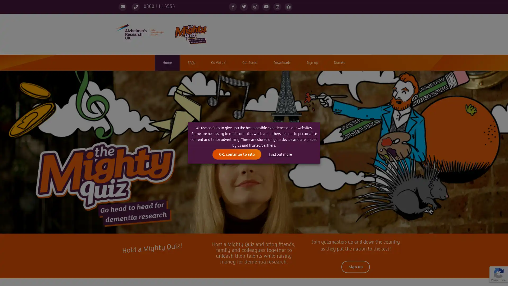 This screenshot has width=508, height=286. I want to click on OK, continue to site, so click(236, 154).